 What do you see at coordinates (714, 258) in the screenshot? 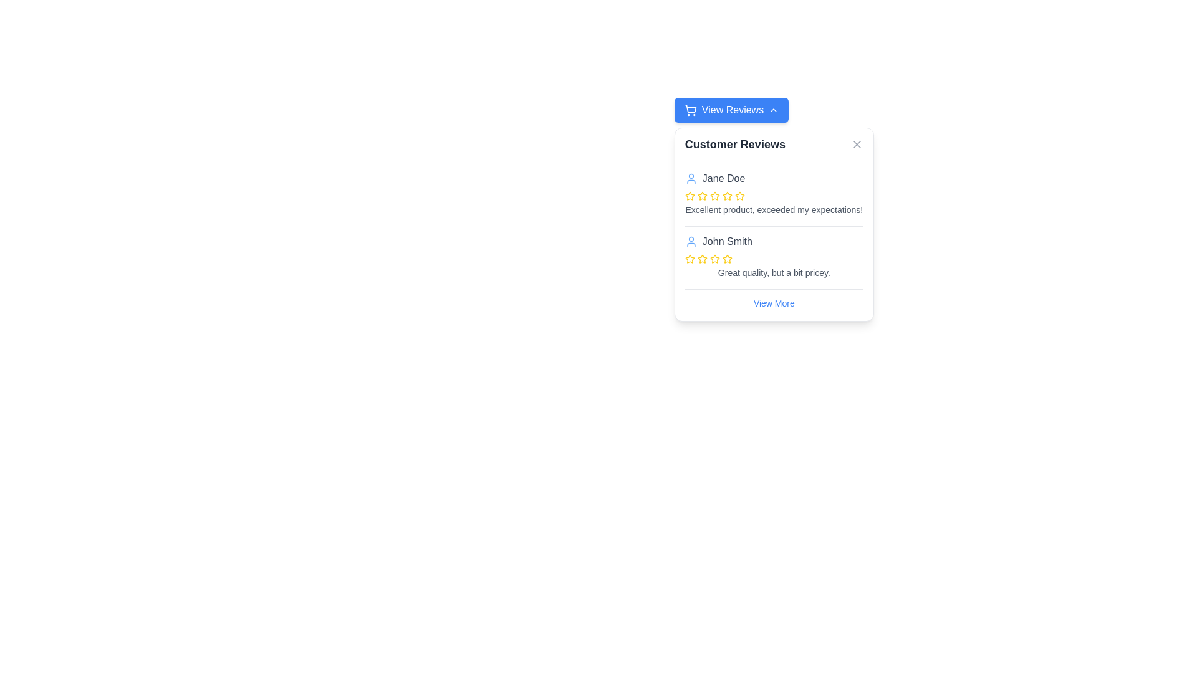
I see `the second star icon representing the rating in the review submitted by 'John Smith' in the 'Customer Reviews' section` at bounding box center [714, 258].